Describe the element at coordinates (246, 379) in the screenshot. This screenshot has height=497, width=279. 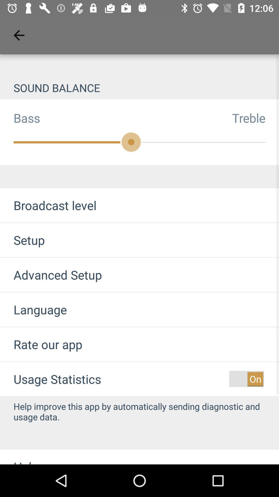
I see `usage statistics option` at that location.